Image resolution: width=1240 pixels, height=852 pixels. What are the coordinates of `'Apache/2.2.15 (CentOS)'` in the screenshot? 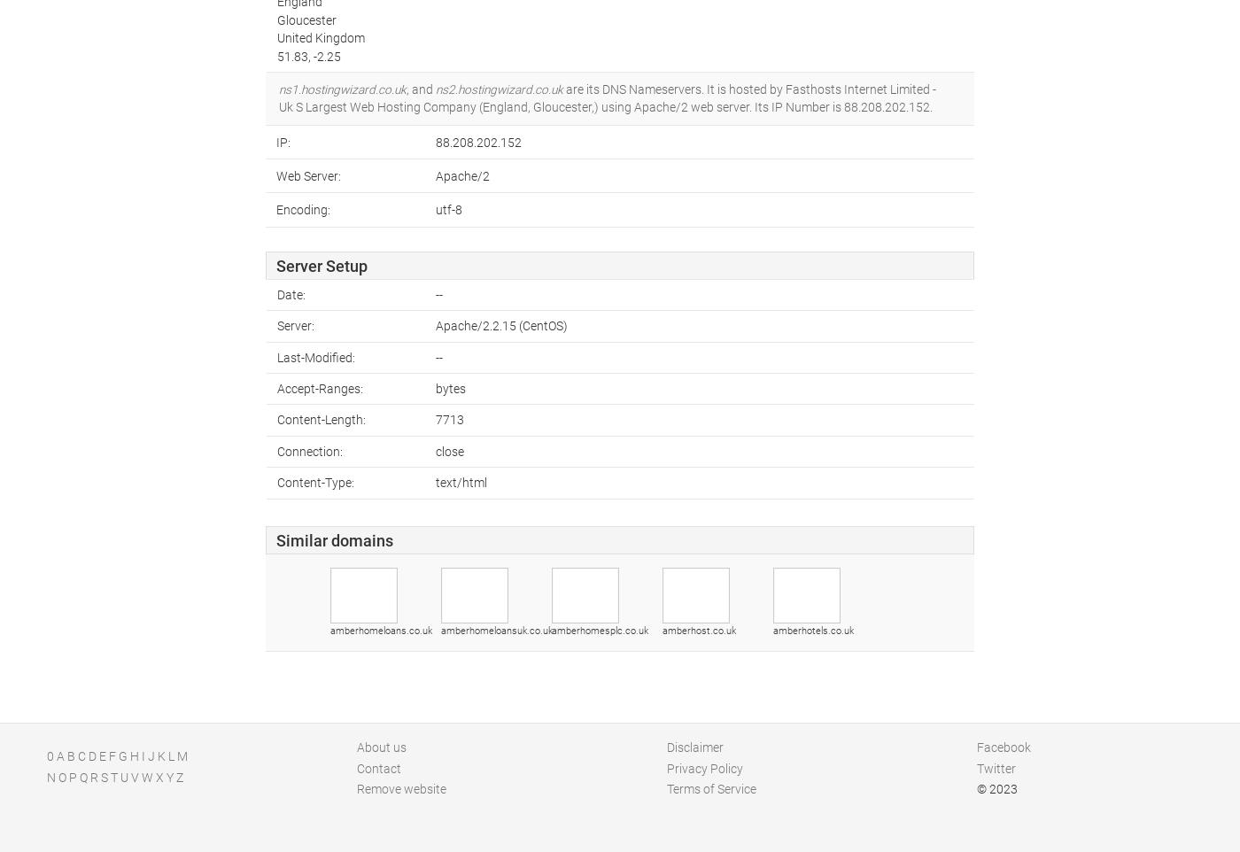 It's located at (500, 325).